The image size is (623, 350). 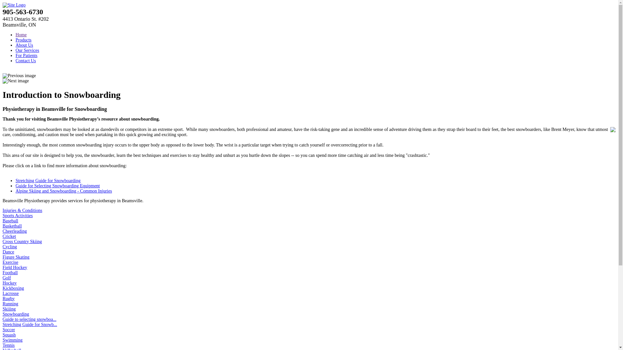 What do you see at coordinates (22, 241) in the screenshot?
I see `'Cross Country Skiing'` at bounding box center [22, 241].